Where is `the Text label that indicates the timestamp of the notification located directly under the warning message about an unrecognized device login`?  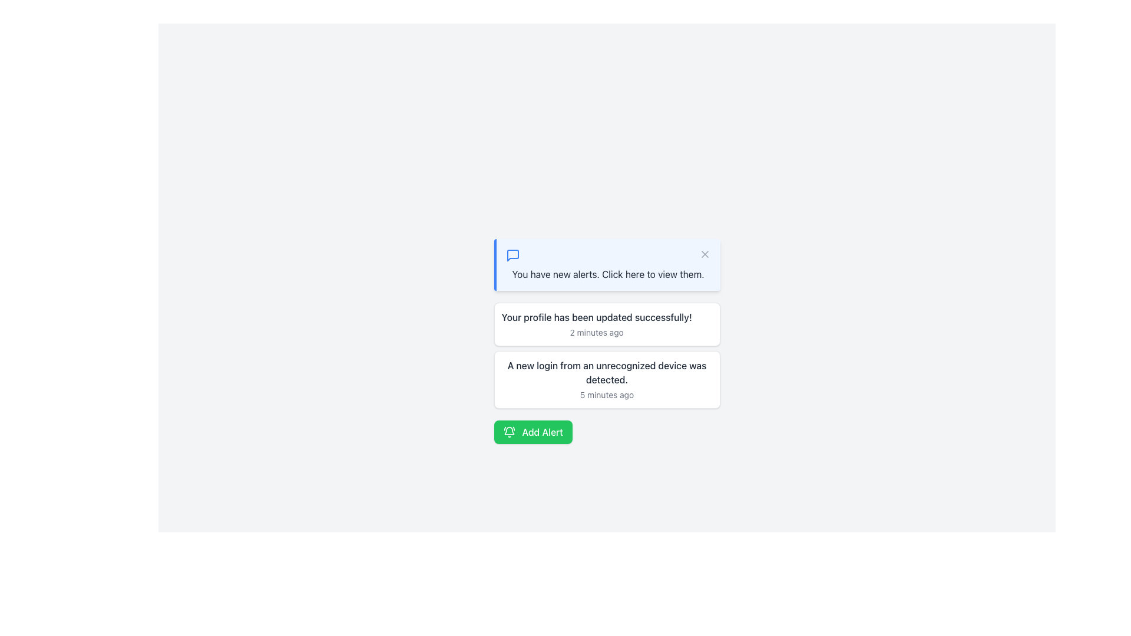
the Text label that indicates the timestamp of the notification located directly under the warning message about an unrecognized device login is located at coordinates (607, 395).